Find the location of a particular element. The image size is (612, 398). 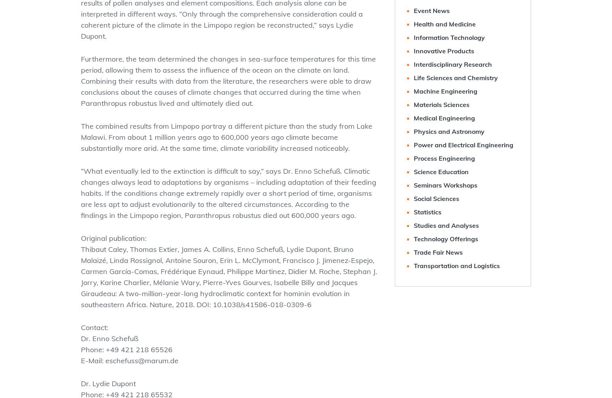

'Innovative Products' is located at coordinates (443, 51).